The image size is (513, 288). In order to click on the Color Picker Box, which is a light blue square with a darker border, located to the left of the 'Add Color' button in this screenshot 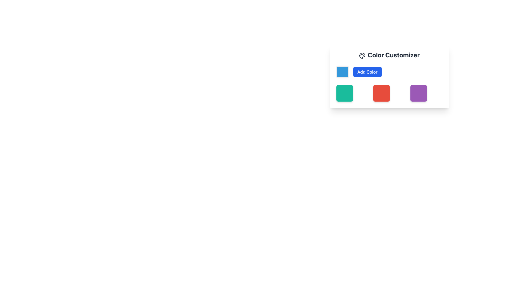, I will do `click(342, 72)`.